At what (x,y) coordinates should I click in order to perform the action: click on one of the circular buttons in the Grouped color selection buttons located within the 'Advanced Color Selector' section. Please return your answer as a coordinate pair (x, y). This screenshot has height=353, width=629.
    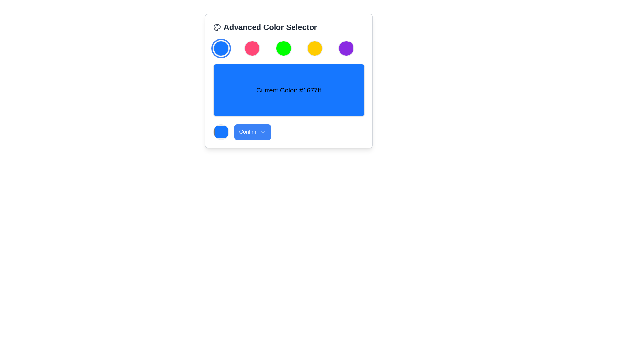
    Looking at the image, I should click on (288, 48).